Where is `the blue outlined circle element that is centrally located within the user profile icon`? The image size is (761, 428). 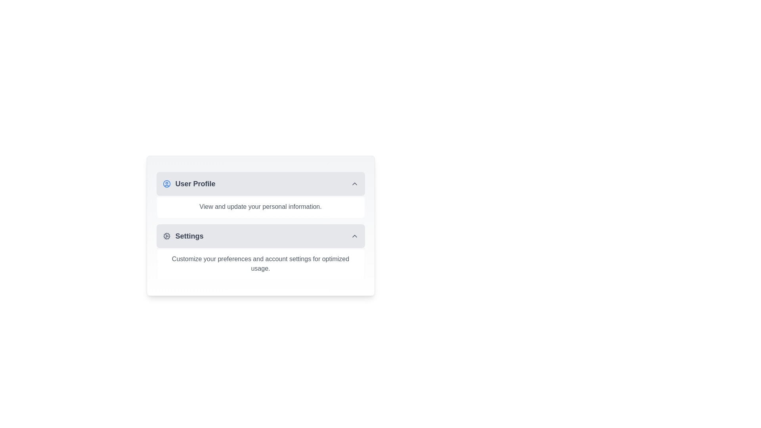
the blue outlined circle element that is centrally located within the user profile icon is located at coordinates (166, 183).